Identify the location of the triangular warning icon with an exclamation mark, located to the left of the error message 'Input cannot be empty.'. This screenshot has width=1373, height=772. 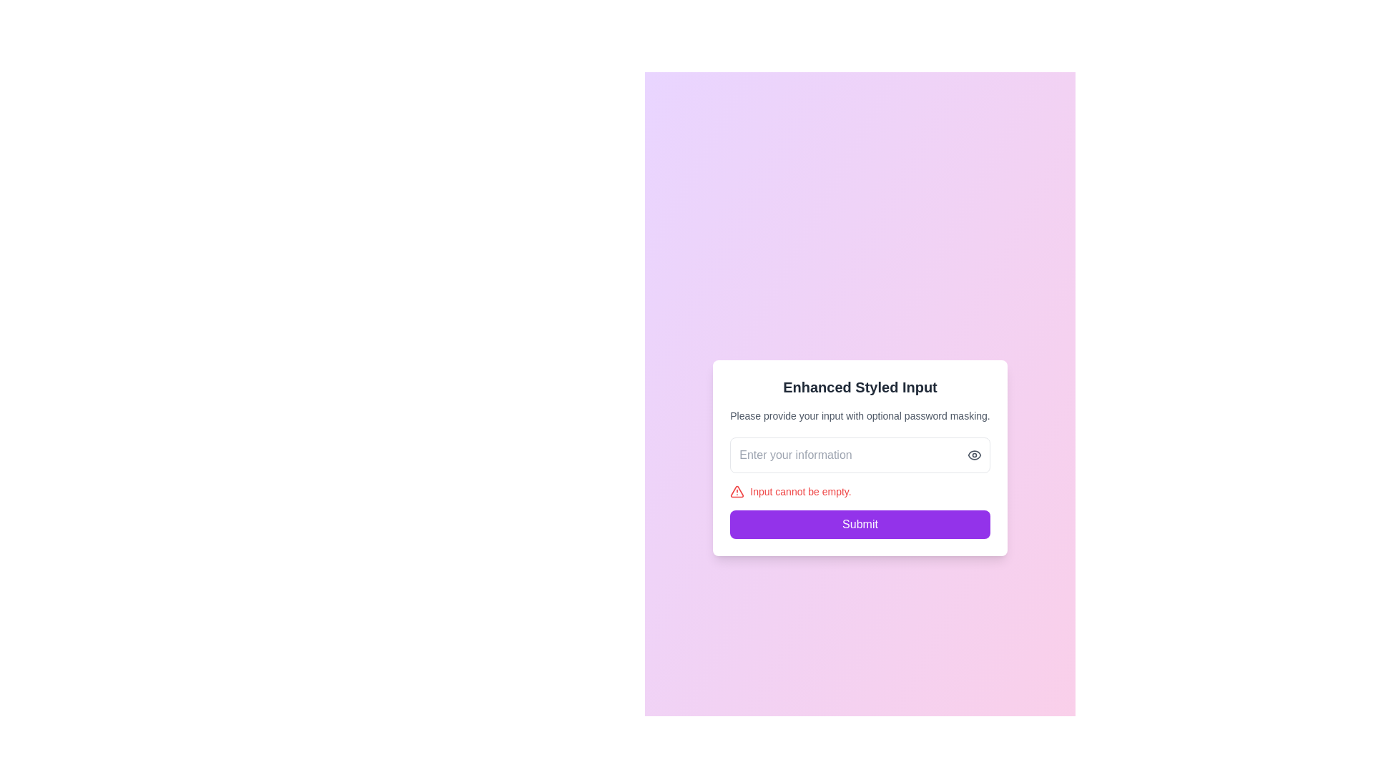
(737, 490).